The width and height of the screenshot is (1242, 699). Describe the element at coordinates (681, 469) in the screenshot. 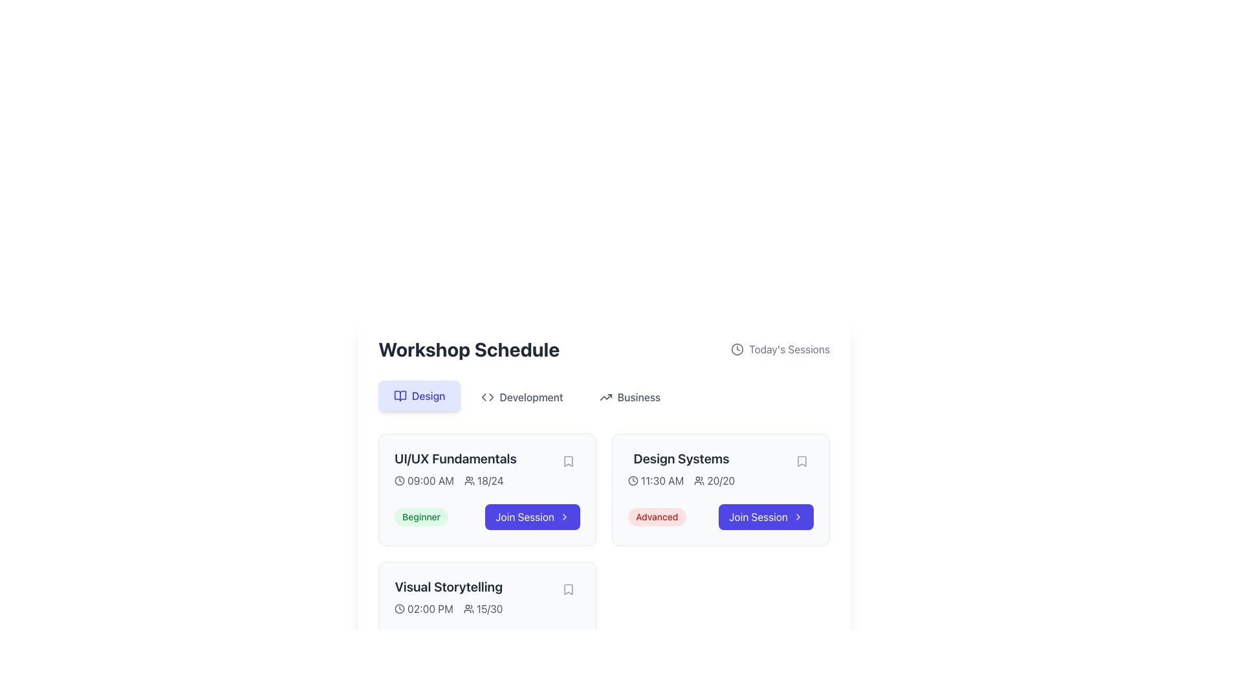

I see `information displayed in the 'Design Systems' card, which includes the time '11:30 AM' and the count '20/20'` at that location.